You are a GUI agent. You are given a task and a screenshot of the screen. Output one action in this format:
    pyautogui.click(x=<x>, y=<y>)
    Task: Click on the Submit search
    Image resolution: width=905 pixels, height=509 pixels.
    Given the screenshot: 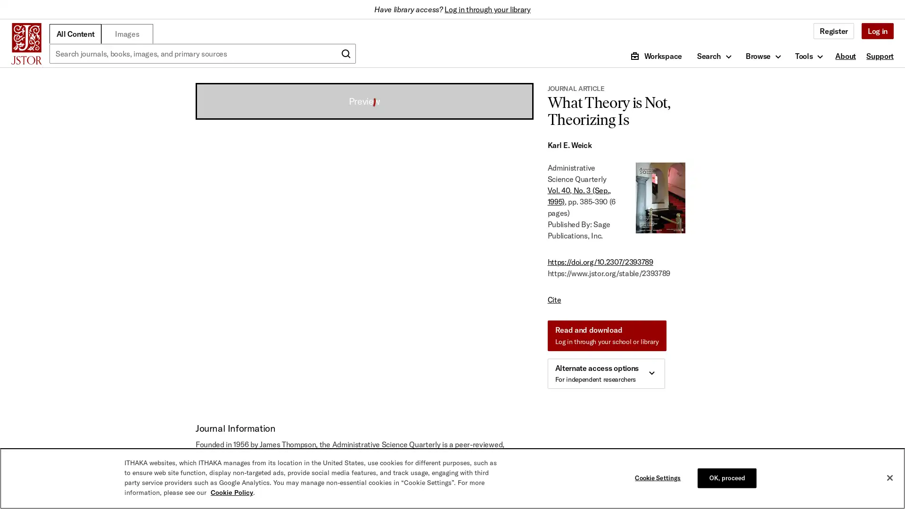 What is the action you would take?
    pyautogui.click(x=346, y=54)
    